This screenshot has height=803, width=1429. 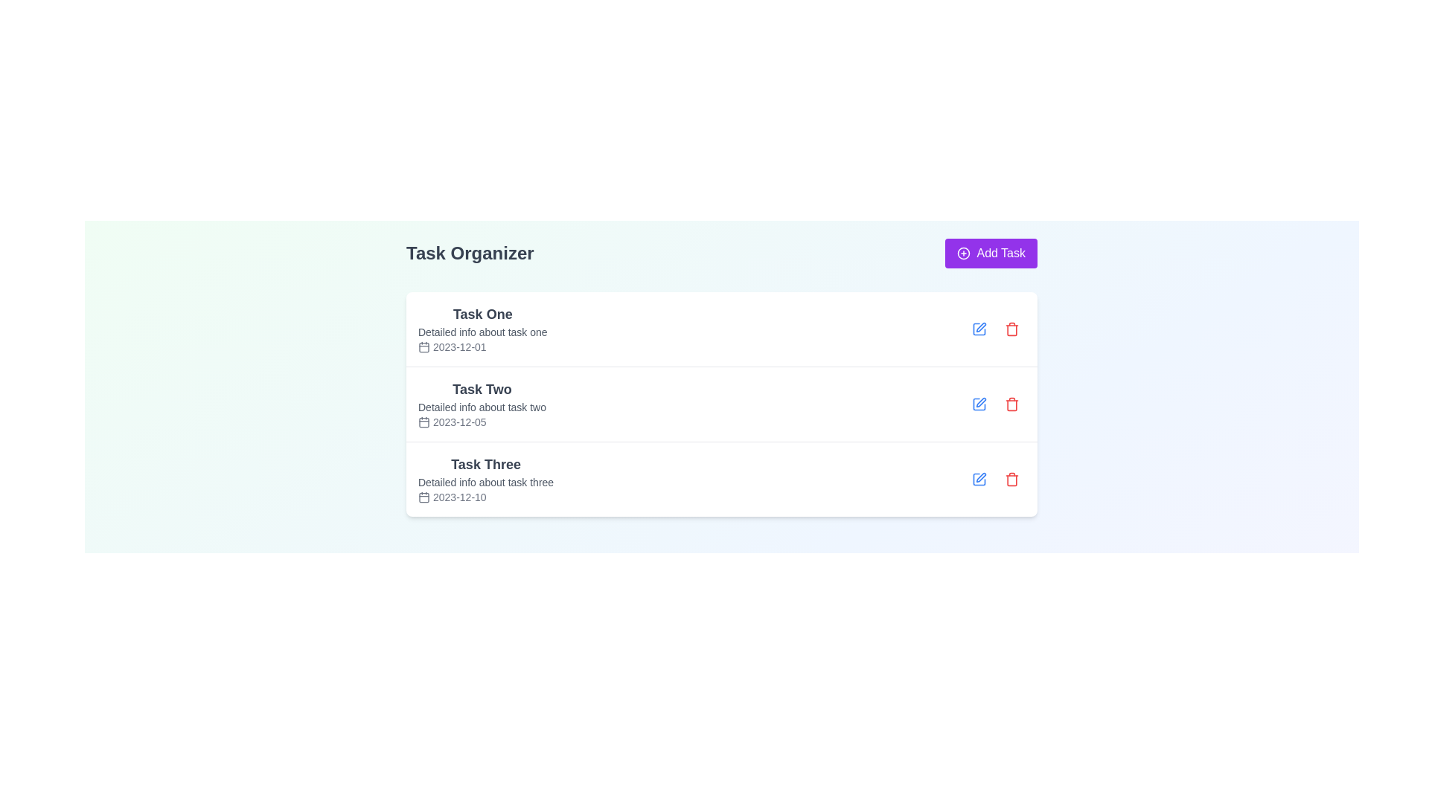 I want to click on the second task card in the task manager interface, so click(x=721, y=377).